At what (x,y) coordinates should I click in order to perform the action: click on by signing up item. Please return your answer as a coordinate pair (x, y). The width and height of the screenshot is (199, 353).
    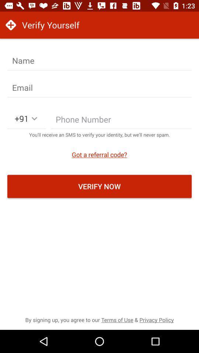
    Looking at the image, I should click on (99, 319).